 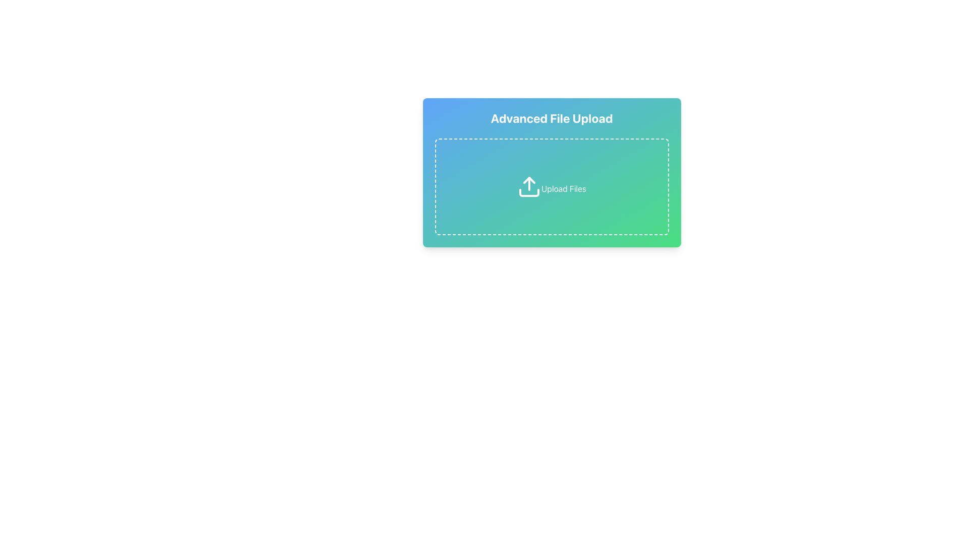 I want to click on the centered heading 'Advanced File Upload' which is styled with bold, white font and located at the top of a rounded rectangular card, so click(x=551, y=118).